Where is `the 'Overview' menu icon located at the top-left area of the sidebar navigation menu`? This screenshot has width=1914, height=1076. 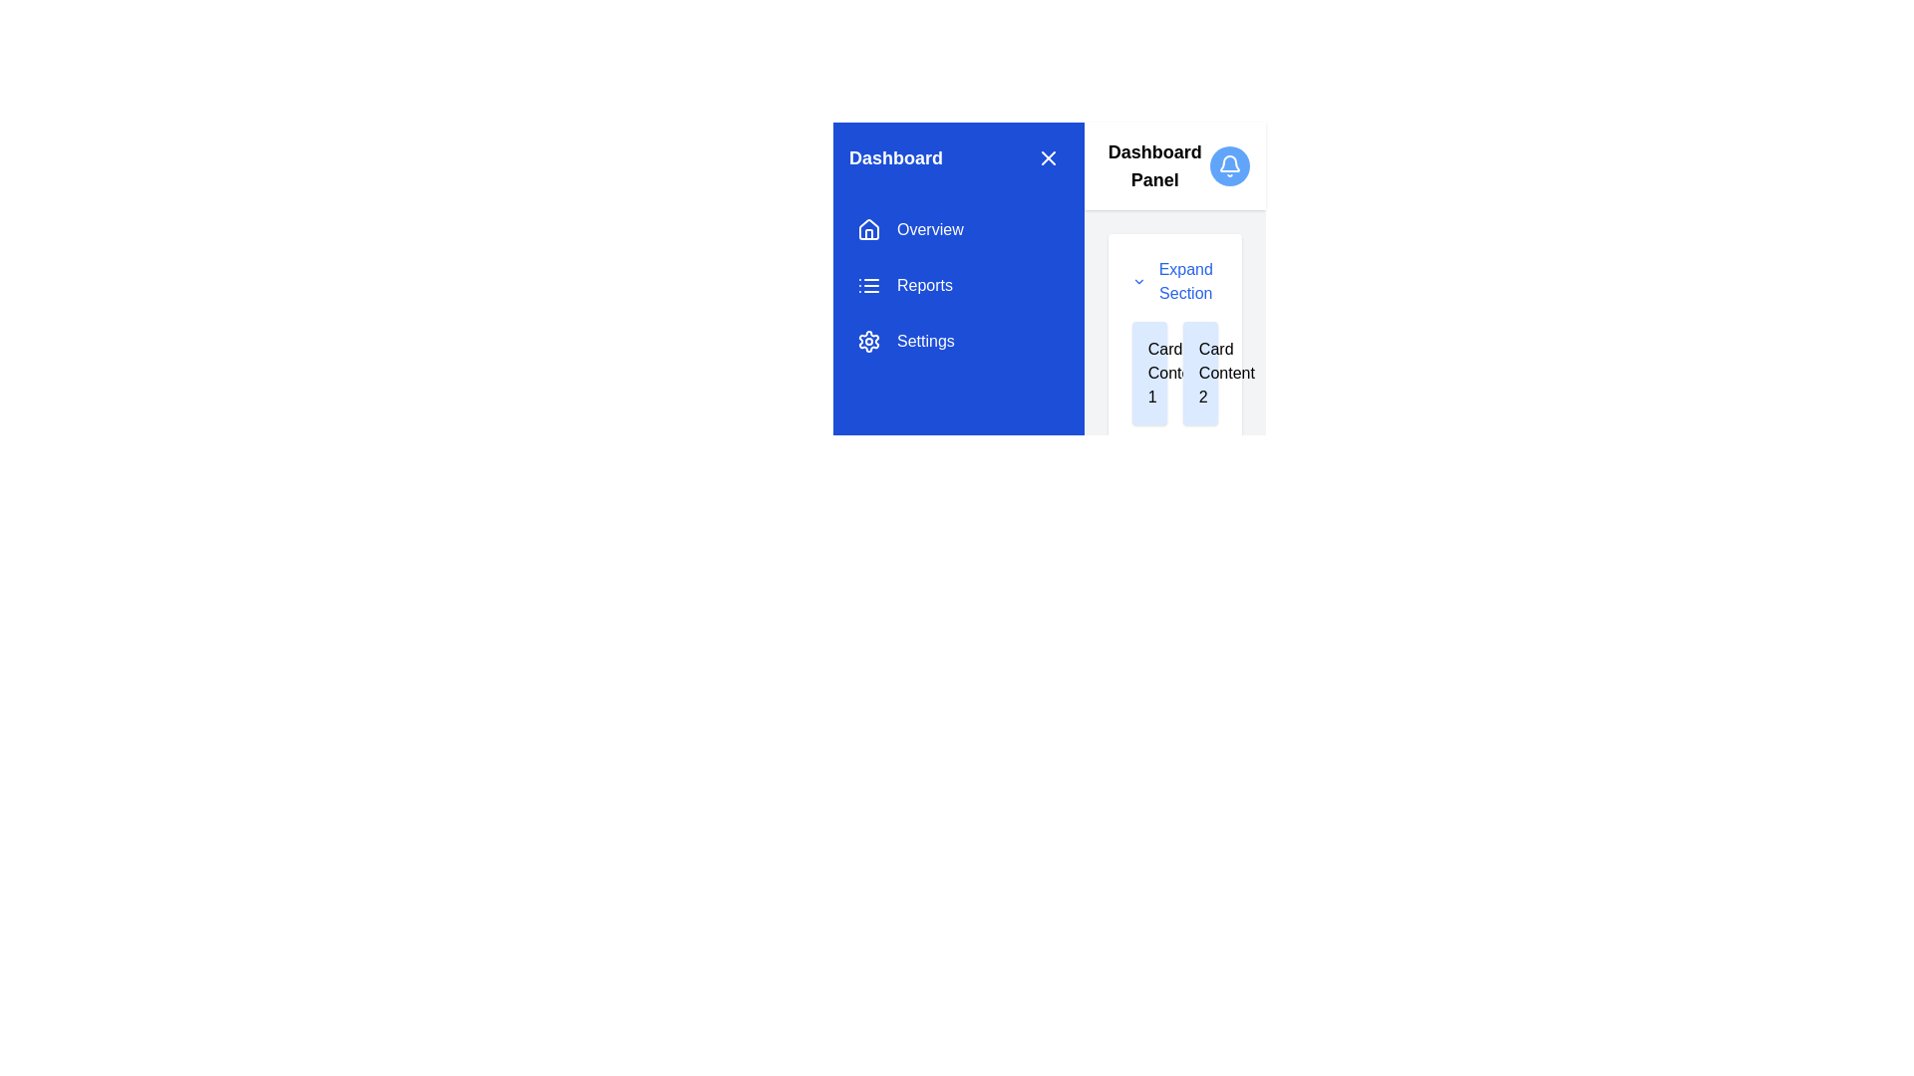 the 'Overview' menu icon located at the top-left area of the sidebar navigation menu is located at coordinates (869, 229).